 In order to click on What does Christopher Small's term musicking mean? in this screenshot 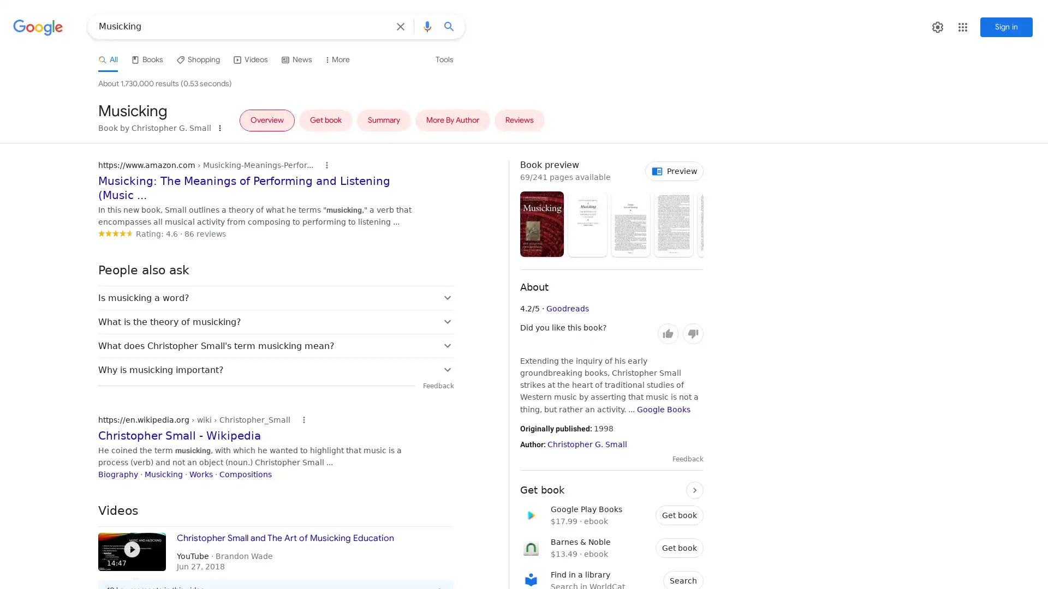, I will do `click(276, 345)`.